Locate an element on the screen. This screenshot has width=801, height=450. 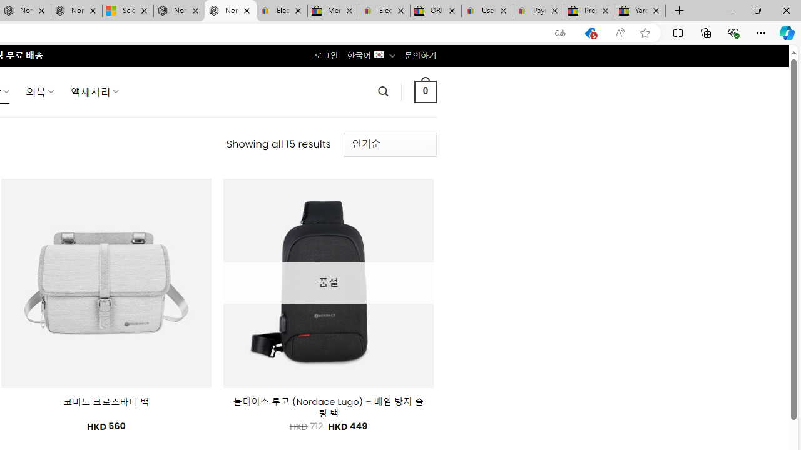
'Electronics, Cars, Fashion, Collectibles & More | eBay' is located at coordinates (384, 11).